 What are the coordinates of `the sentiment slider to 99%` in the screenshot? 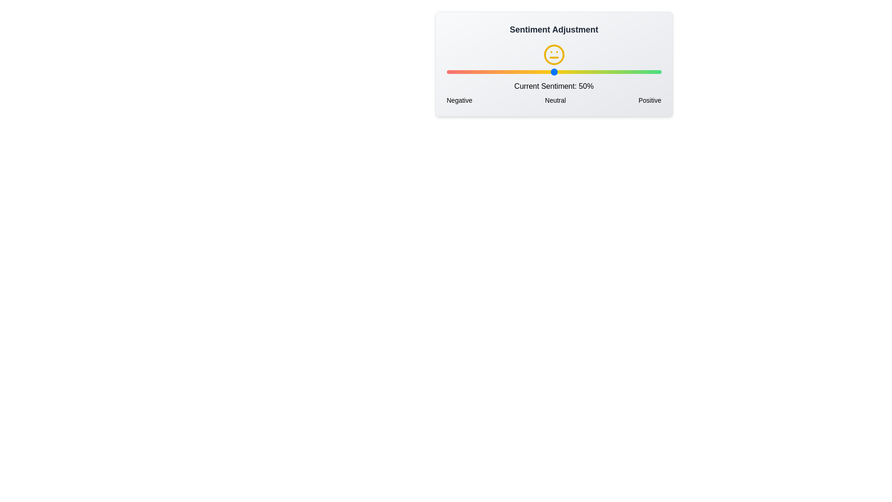 It's located at (658, 71).